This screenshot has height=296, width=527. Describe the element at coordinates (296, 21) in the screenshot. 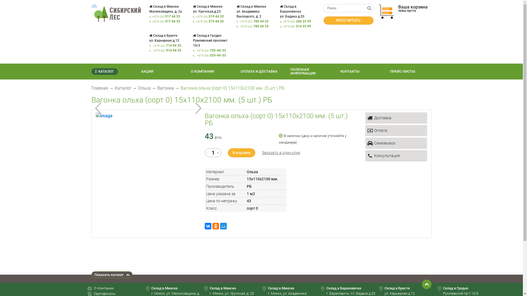

I see `'+375 (33) 344 33 99'` at that location.